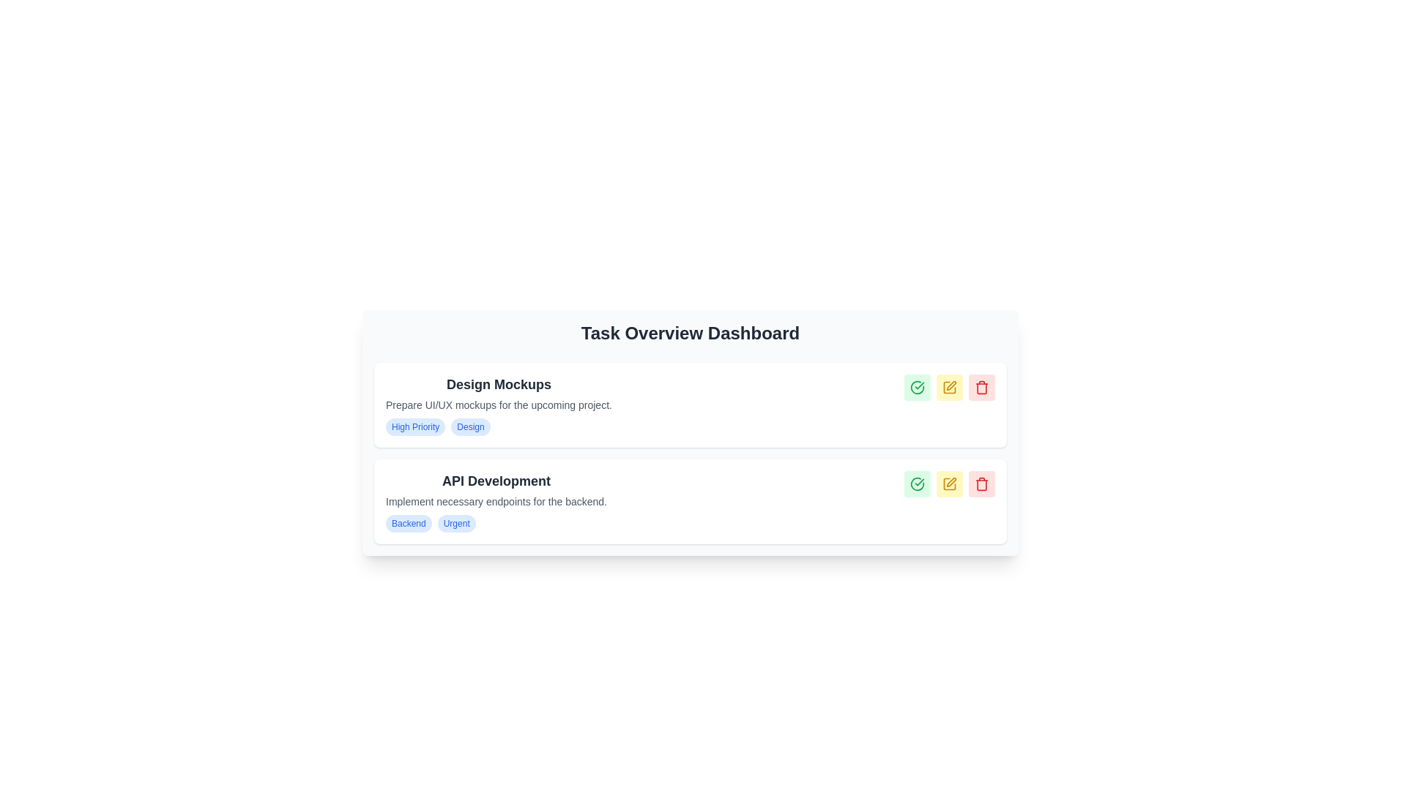 The height and width of the screenshot is (790, 1406). I want to click on the leftmost interactive icon in the second row of action buttons, so click(949, 484).